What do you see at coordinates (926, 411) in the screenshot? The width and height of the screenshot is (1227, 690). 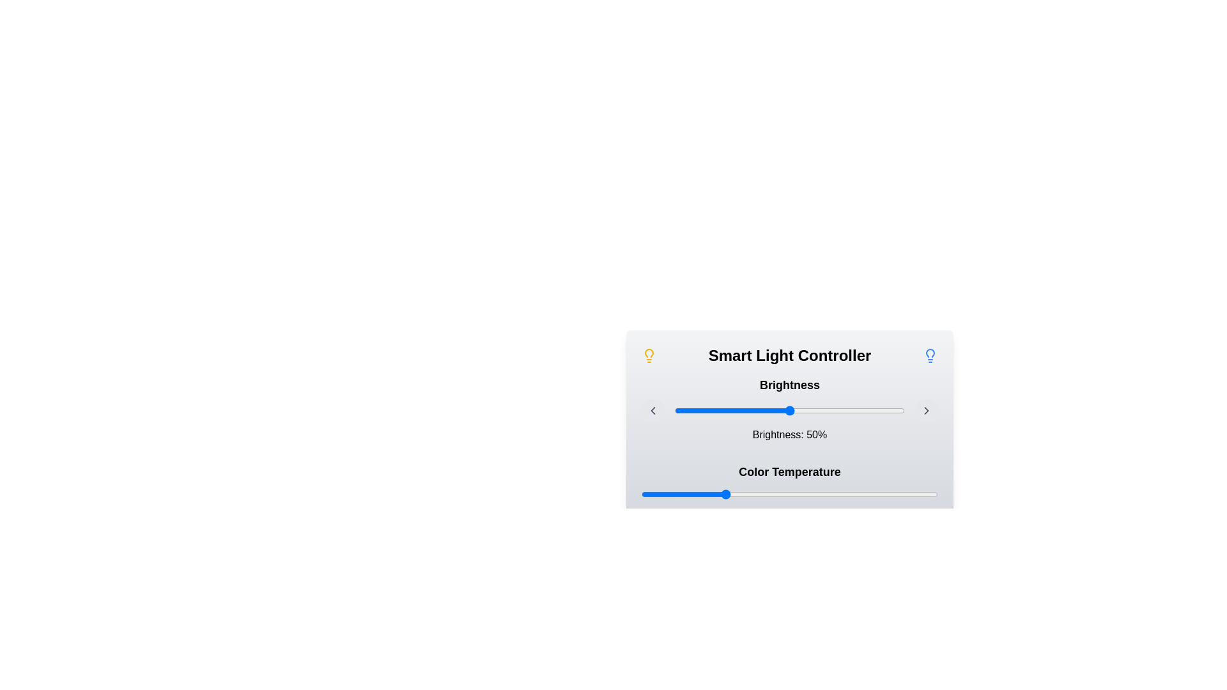 I see `the rightward-pointing chevron arrow icon located in the center-right portion of the smart light controller UI to proceed` at bounding box center [926, 411].